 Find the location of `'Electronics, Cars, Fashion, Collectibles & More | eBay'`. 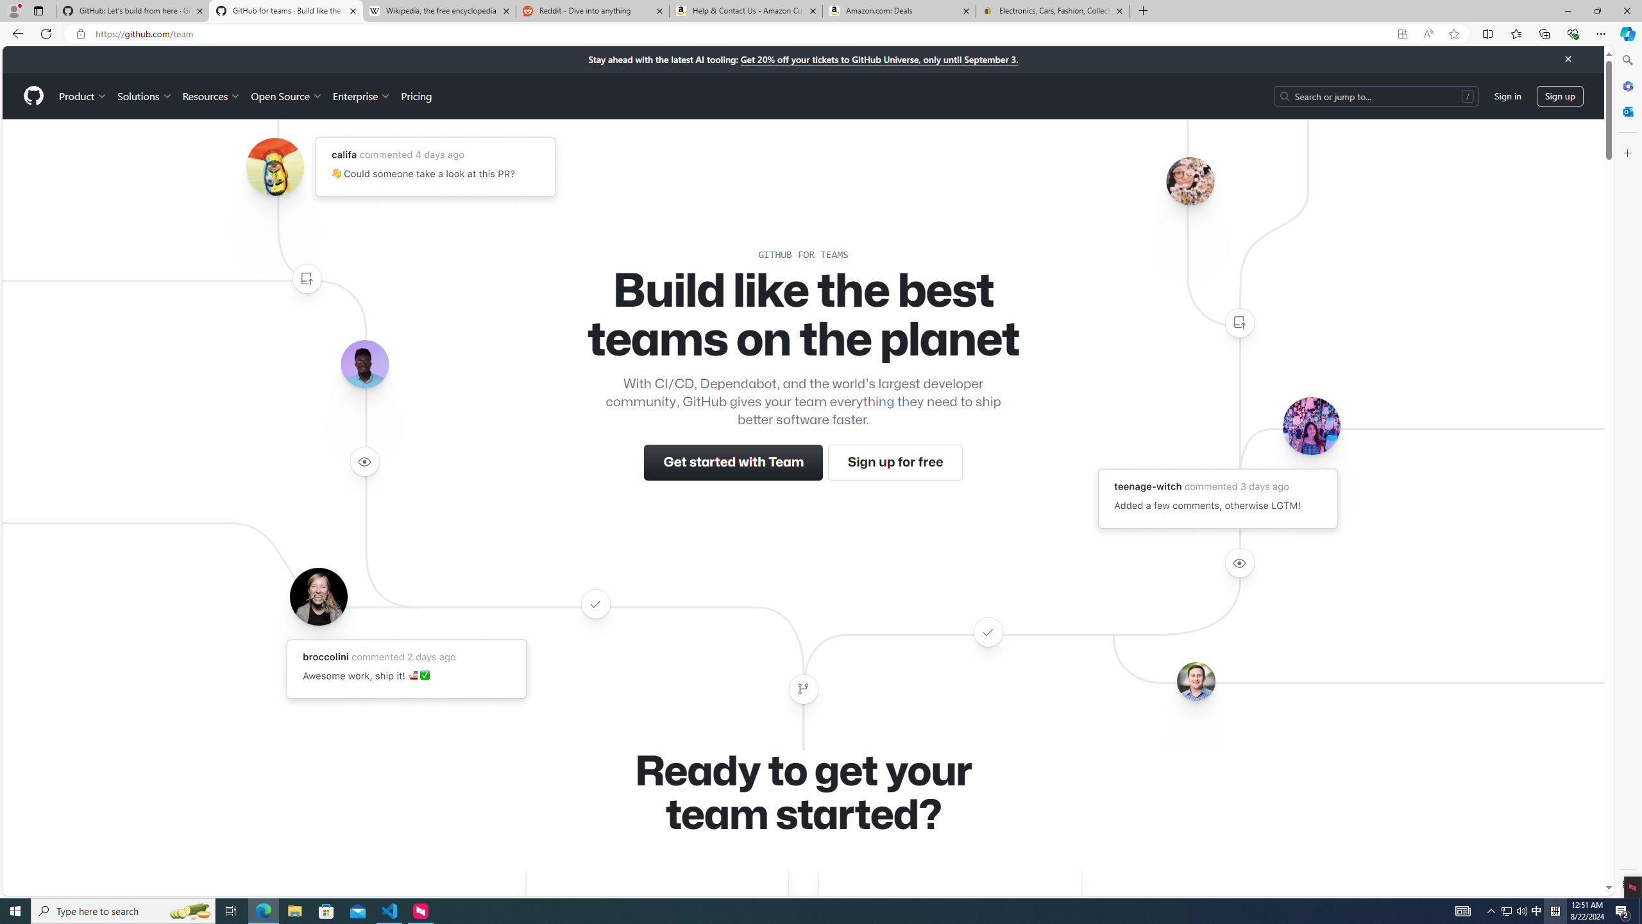

'Electronics, Cars, Fashion, Collectibles & More | eBay' is located at coordinates (1051, 10).